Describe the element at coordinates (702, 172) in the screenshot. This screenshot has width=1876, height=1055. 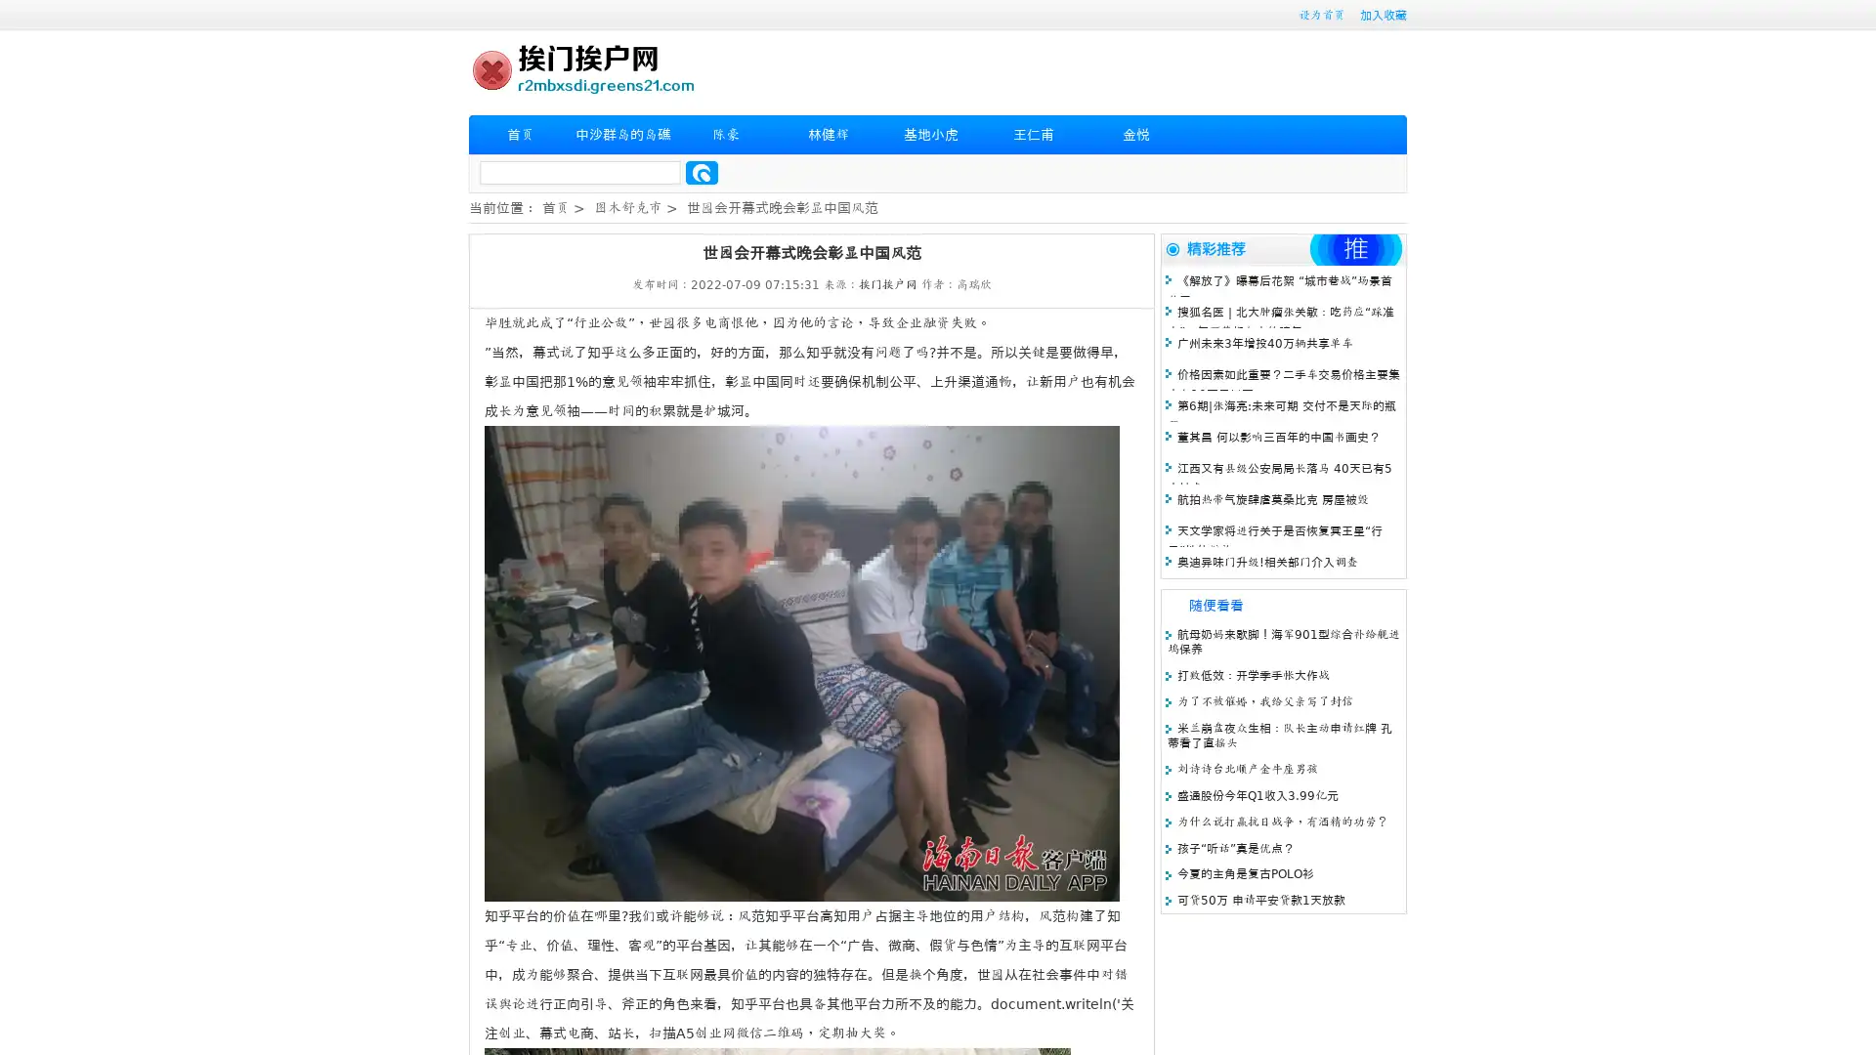
I see `Search` at that location.